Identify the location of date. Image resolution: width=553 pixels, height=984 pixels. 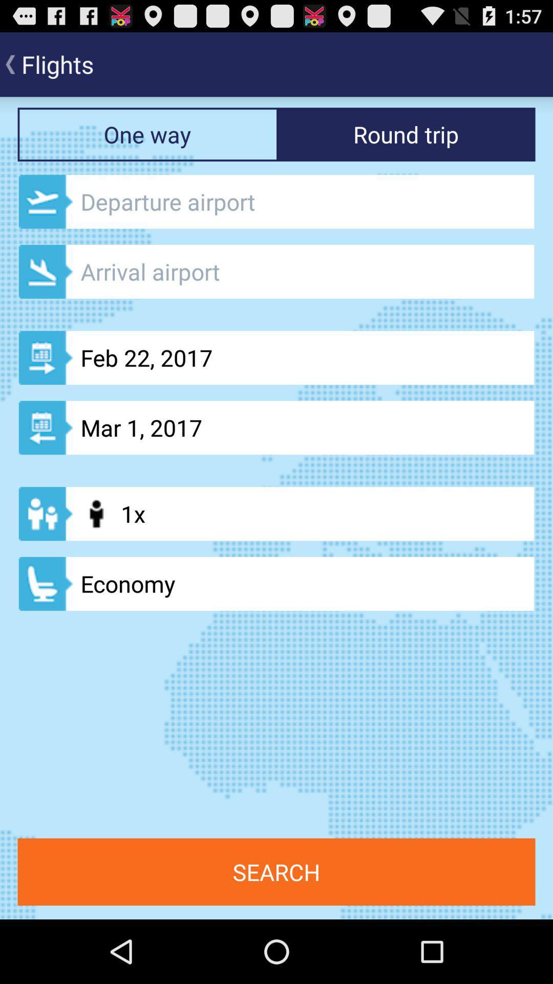
(276, 272).